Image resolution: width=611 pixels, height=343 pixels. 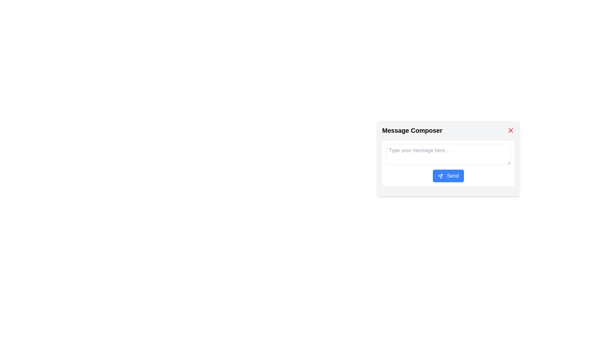 I want to click on the red close button (diagonal cross 'X' symbol) located in the top-right corner of the 'Message Composer' dialog, so click(x=510, y=130).